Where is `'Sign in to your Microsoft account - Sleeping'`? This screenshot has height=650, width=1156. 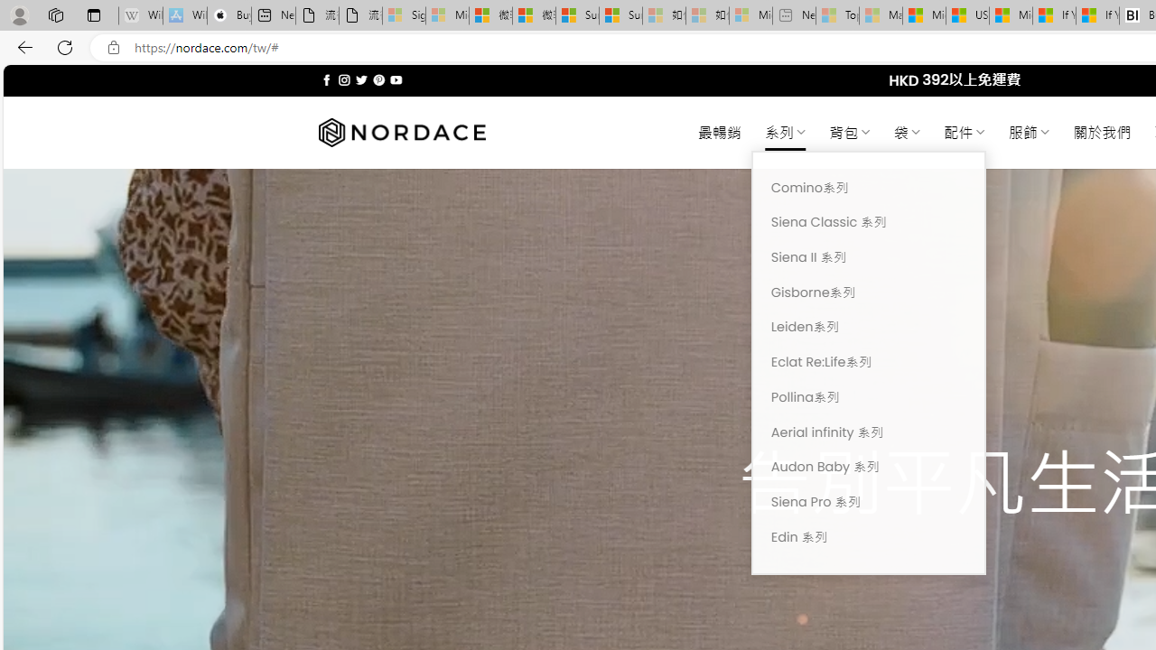 'Sign in to your Microsoft account - Sleeping' is located at coordinates (403, 15).